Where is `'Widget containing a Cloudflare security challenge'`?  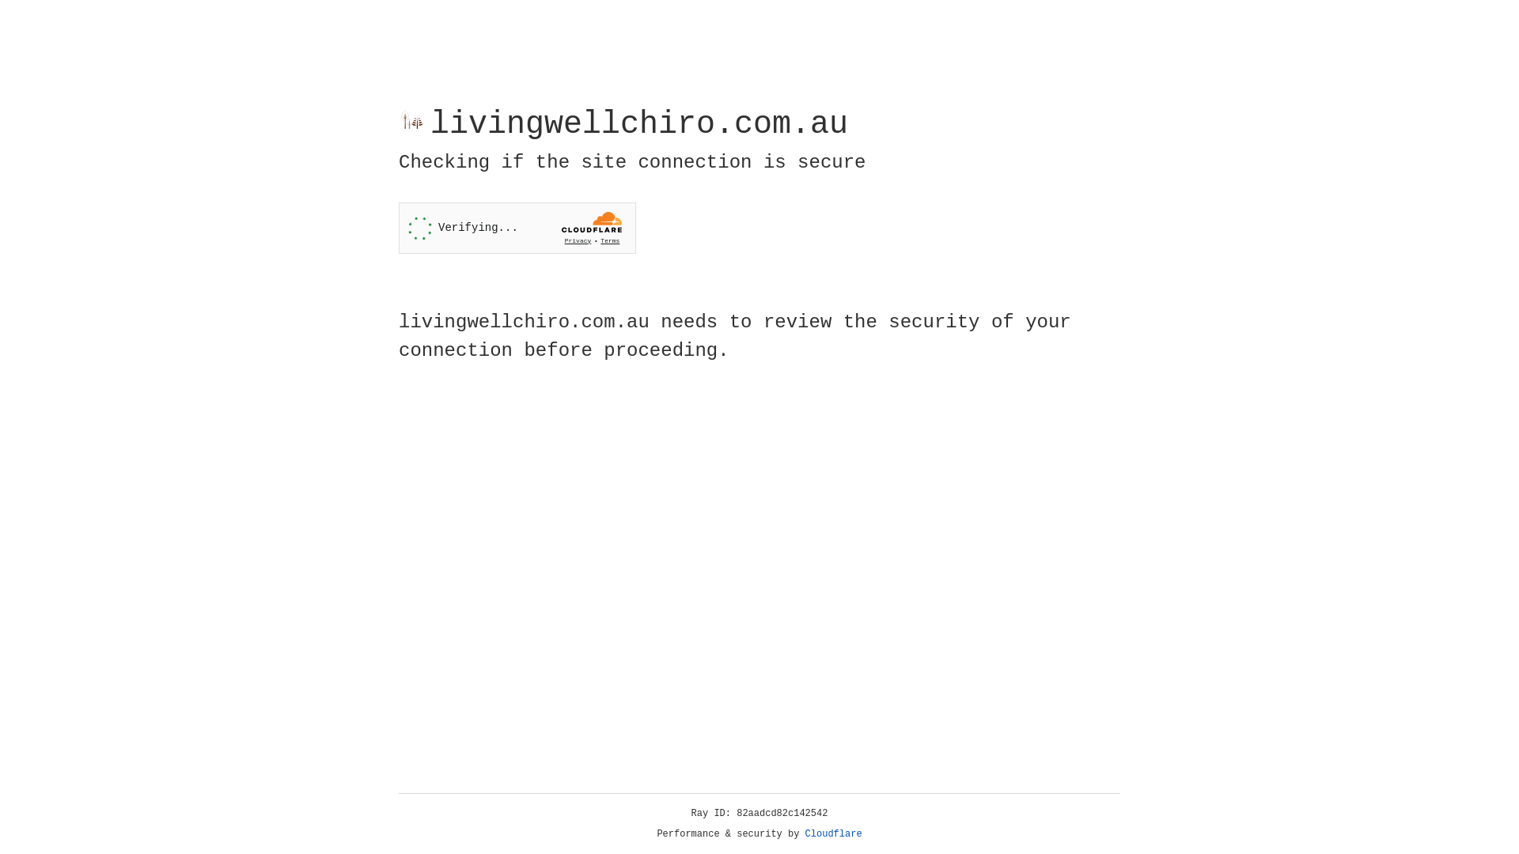
'Widget containing a Cloudflare security challenge' is located at coordinates (517, 228).